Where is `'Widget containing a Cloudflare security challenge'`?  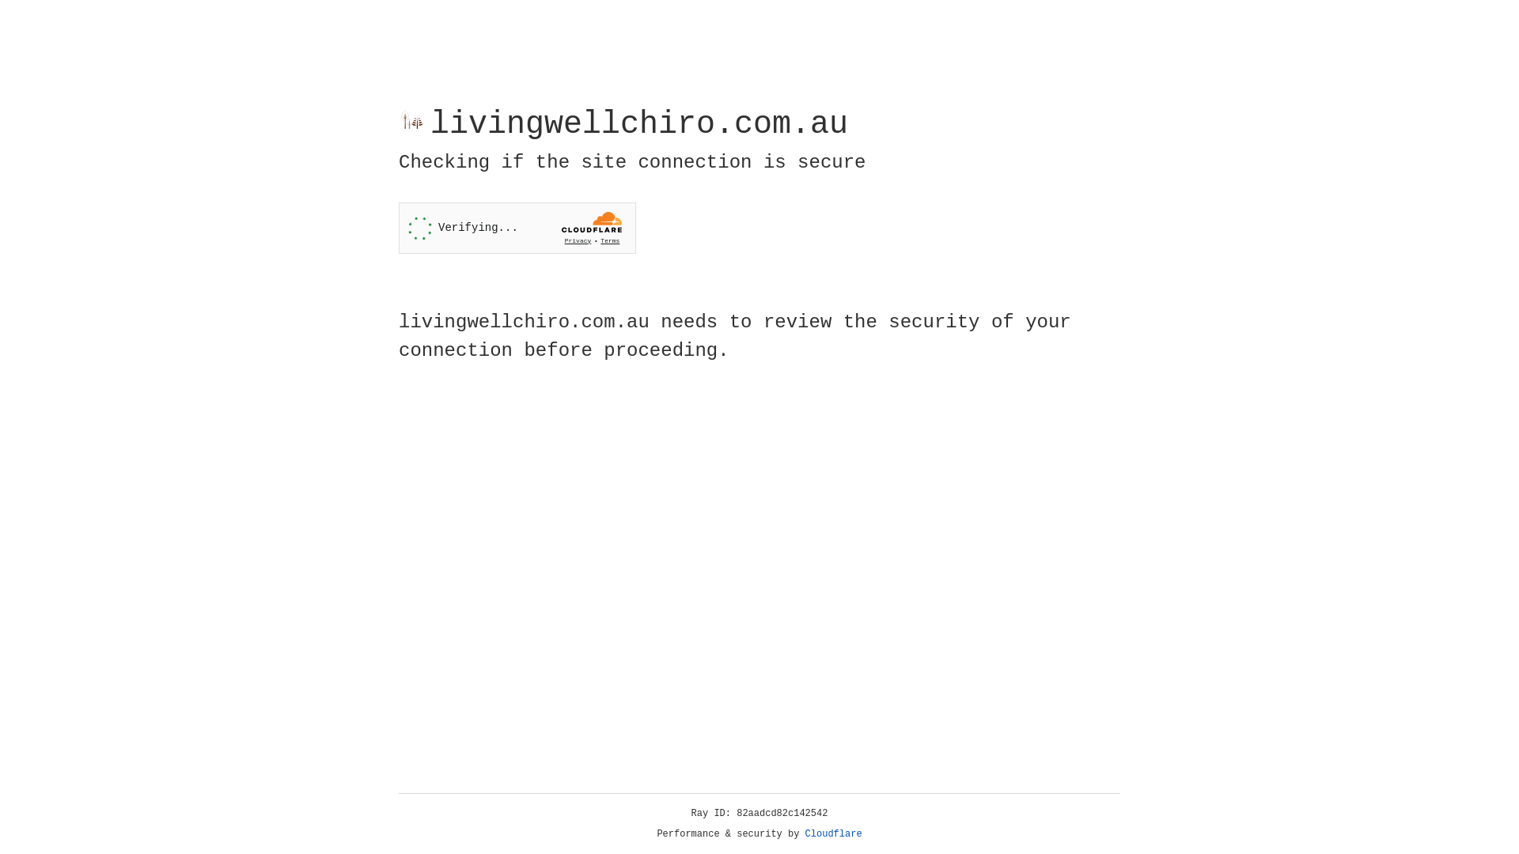
'Widget containing a Cloudflare security challenge' is located at coordinates (517, 228).